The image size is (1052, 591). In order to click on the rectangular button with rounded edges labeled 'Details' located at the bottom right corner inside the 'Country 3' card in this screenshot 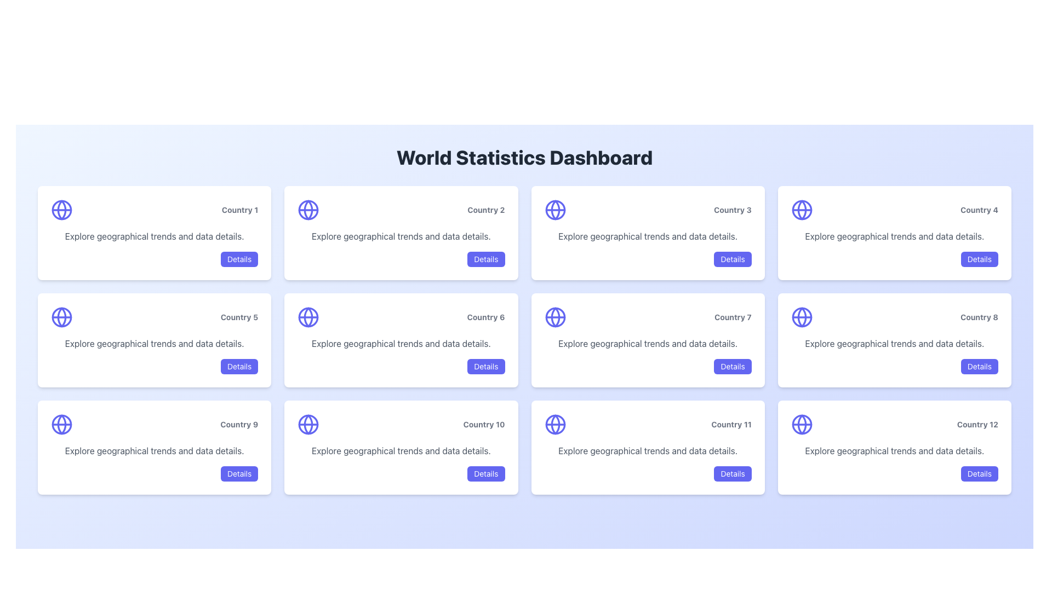, I will do `click(733, 259)`.